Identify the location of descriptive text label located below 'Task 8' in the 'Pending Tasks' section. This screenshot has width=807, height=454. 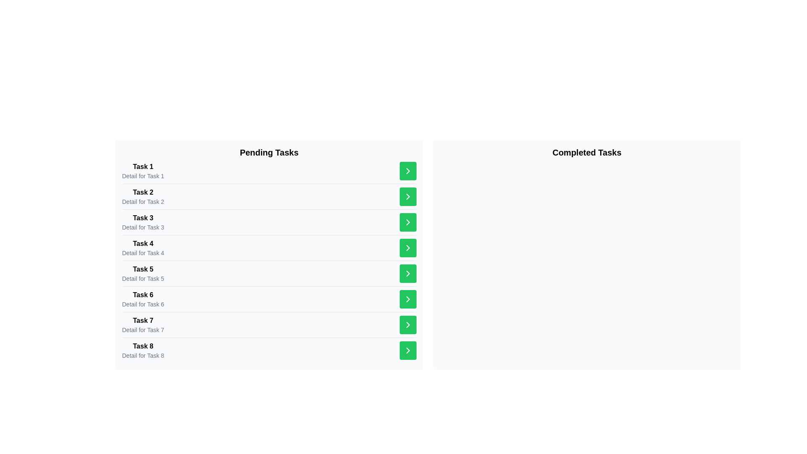
(143, 355).